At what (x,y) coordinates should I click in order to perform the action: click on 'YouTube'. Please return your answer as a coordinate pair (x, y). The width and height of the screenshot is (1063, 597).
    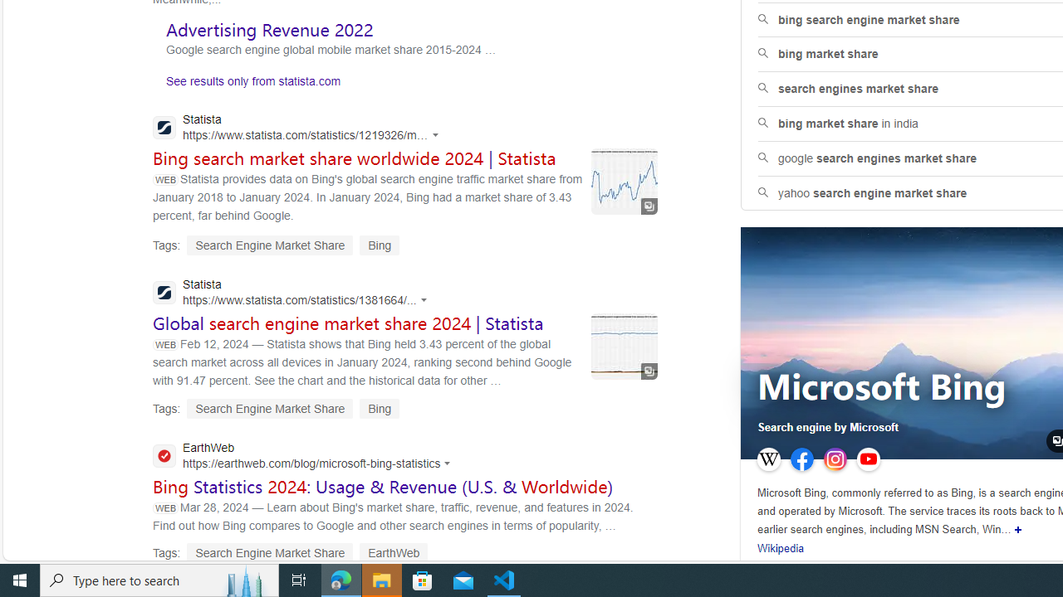
    Looking at the image, I should click on (867, 459).